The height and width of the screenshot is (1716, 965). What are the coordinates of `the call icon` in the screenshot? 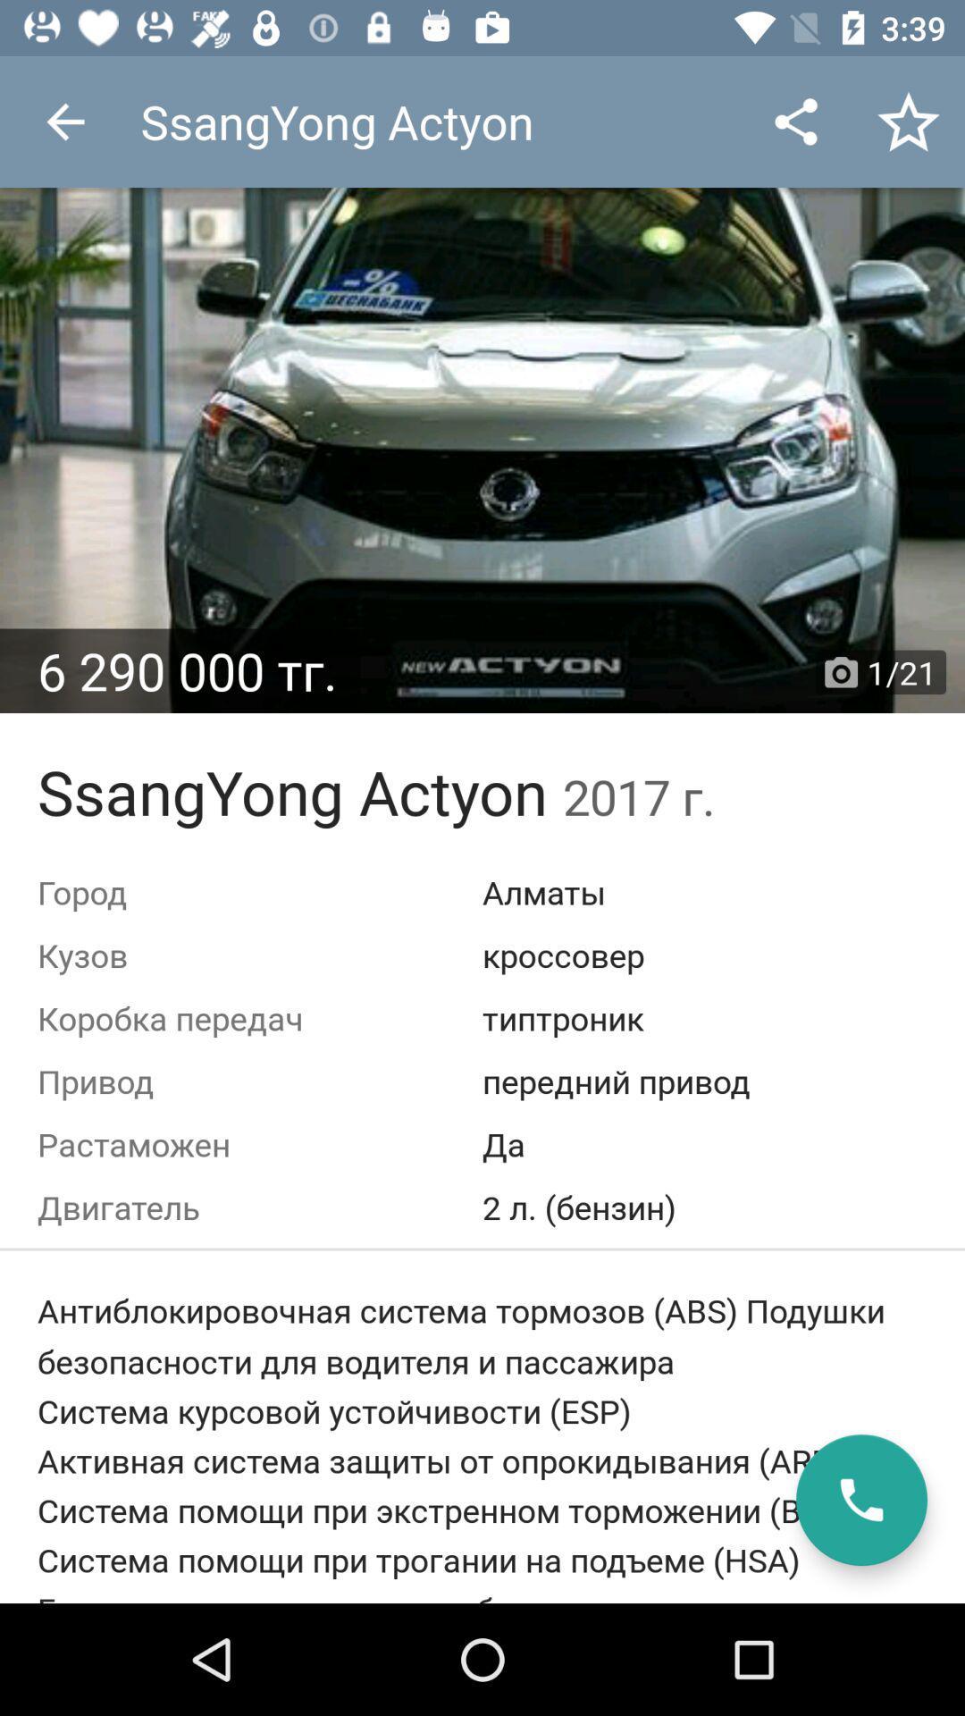 It's located at (860, 1500).